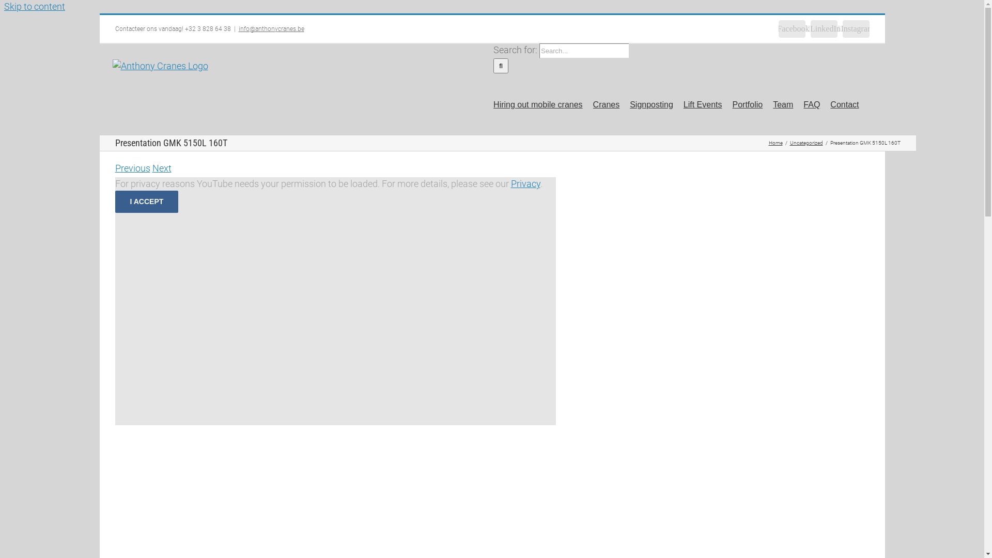 This screenshot has height=558, width=992. Describe the element at coordinates (791, 28) in the screenshot. I see `'Facebook'` at that location.